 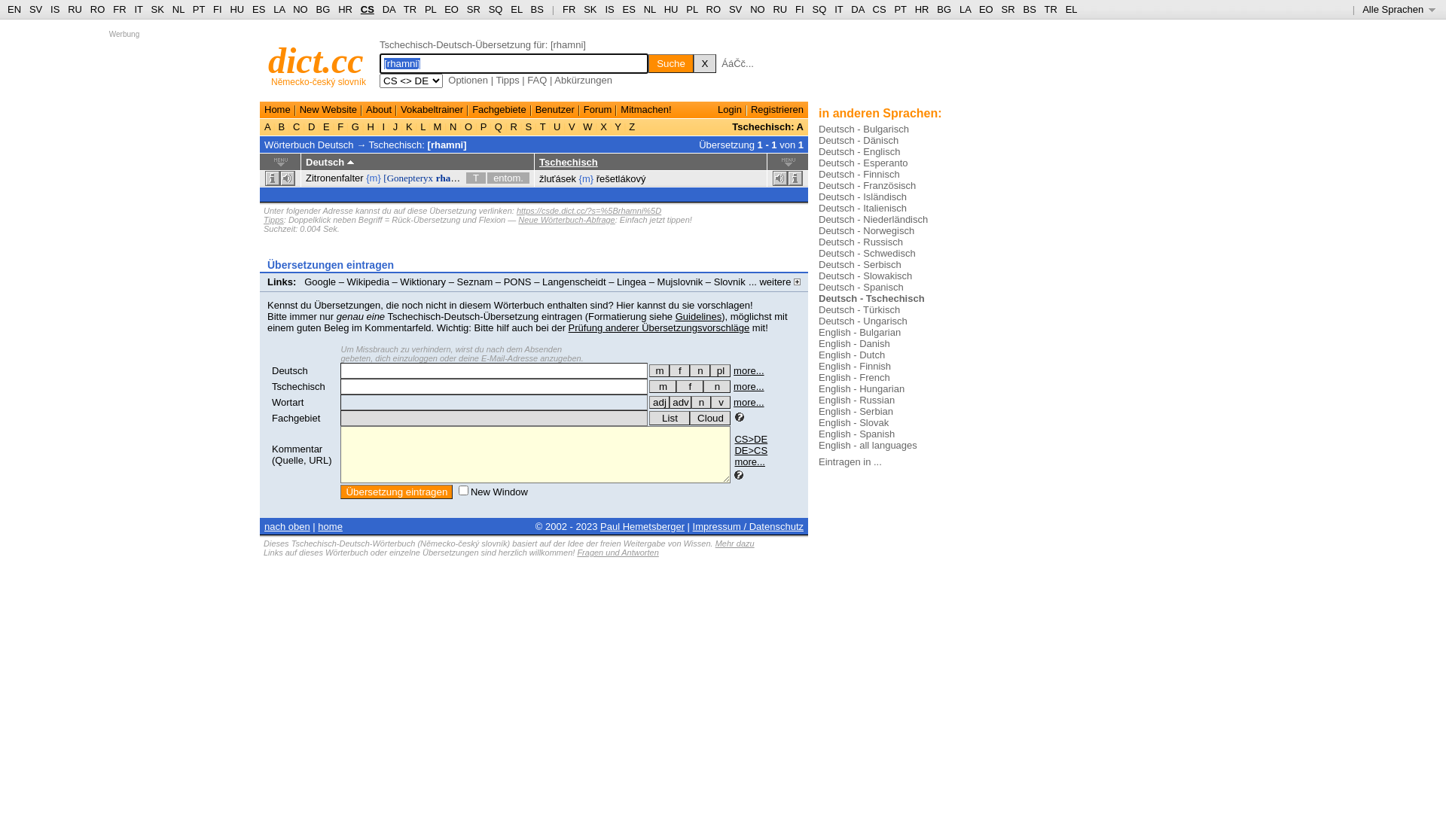 What do you see at coordinates (422, 282) in the screenshot?
I see `'Wiktionary'` at bounding box center [422, 282].